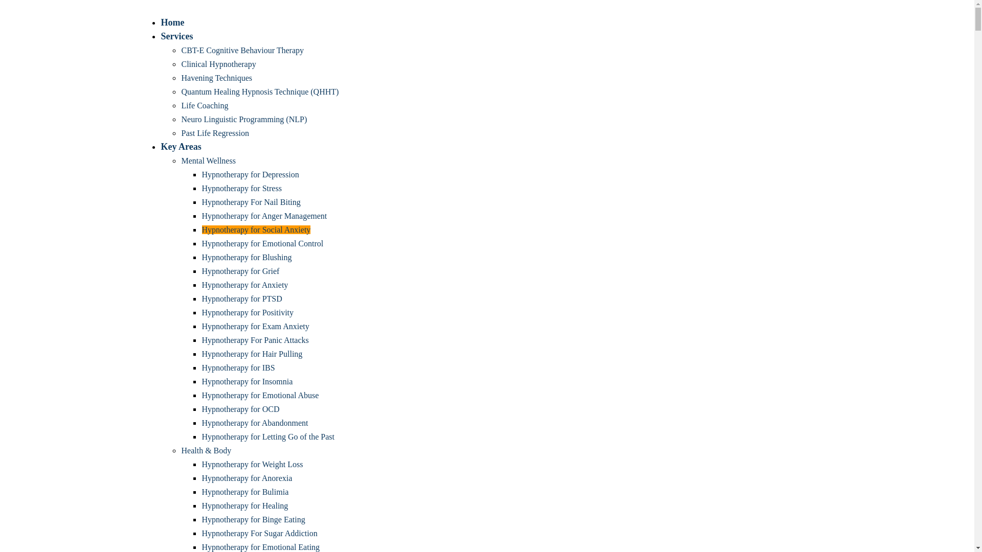  What do you see at coordinates (252, 464) in the screenshot?
I see `'Hypnotherapy for Weight Loss'` at bounding box center [252, 464].